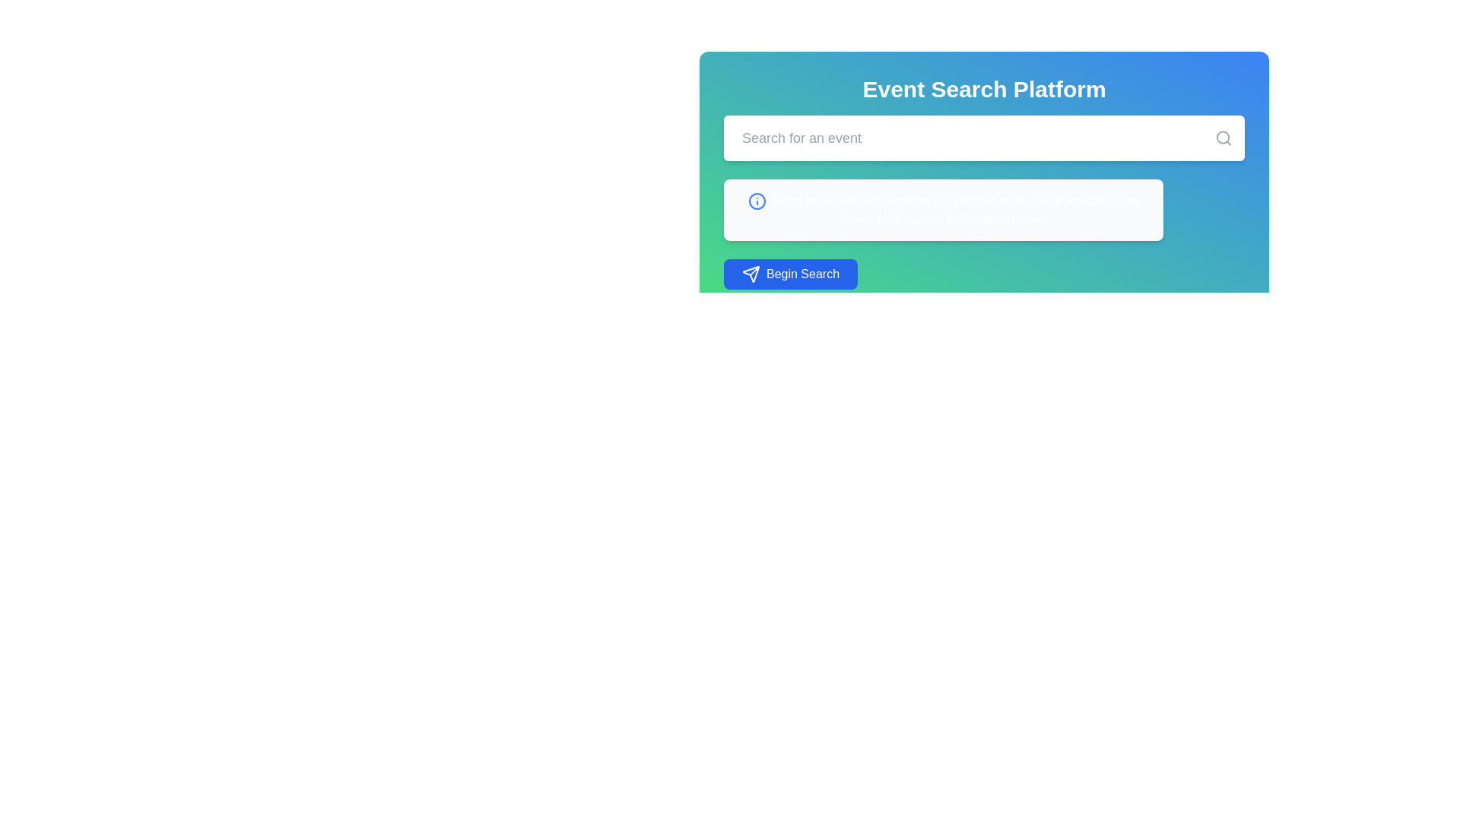 The height and width of the screenshot is (821, 1460). I want to click on the header text label indicating the primary purpose of the event search platform, located at the top of the gradient-styled panel, so click(984, 90).